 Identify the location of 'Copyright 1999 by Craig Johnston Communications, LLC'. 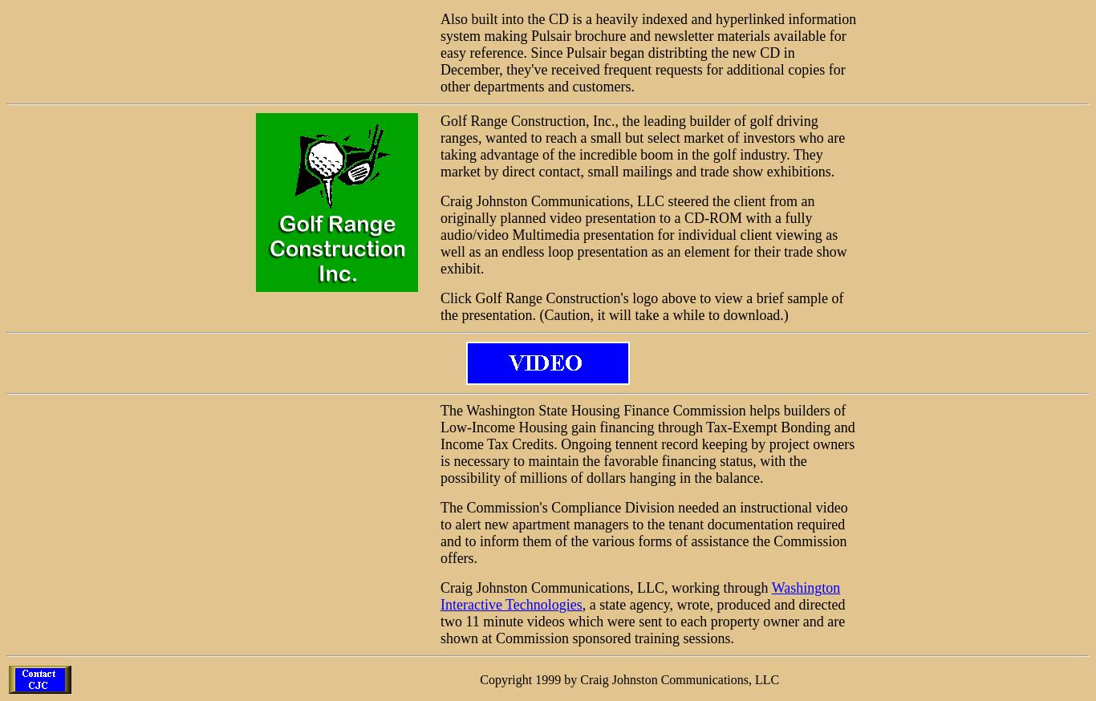
(629, 679).